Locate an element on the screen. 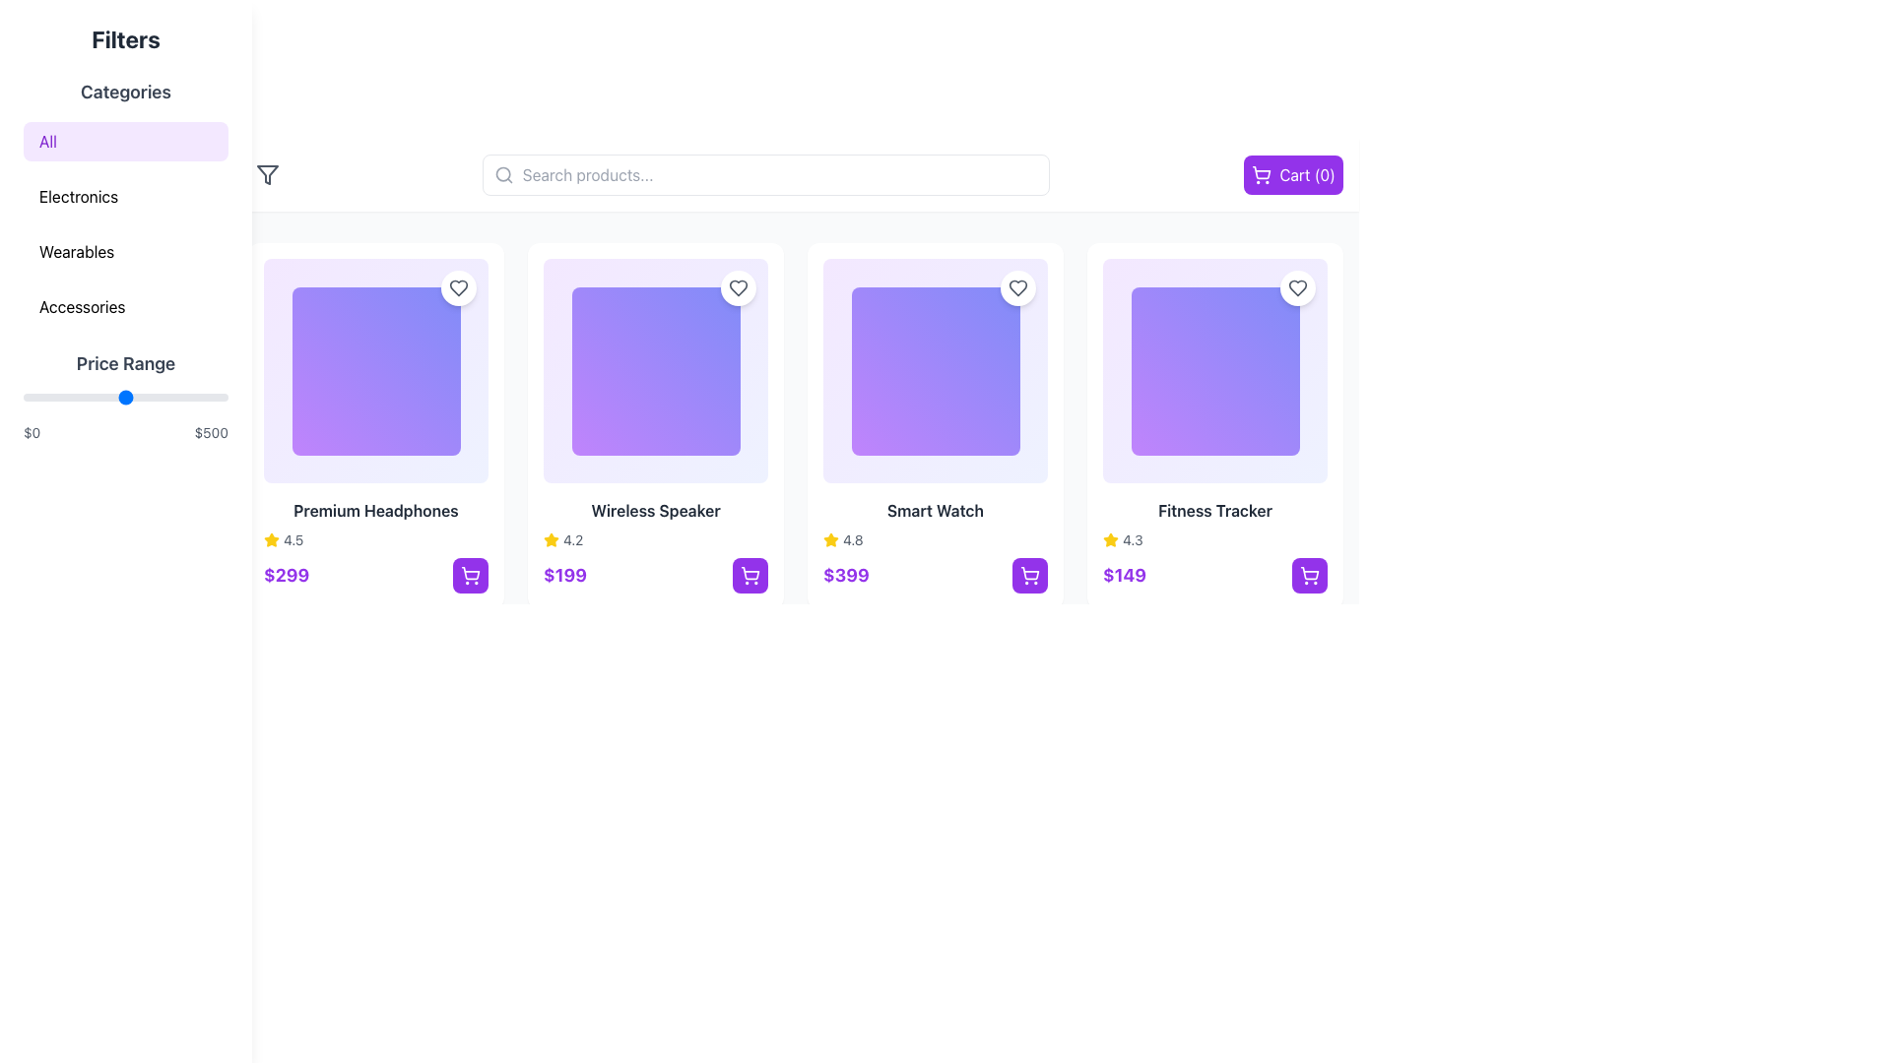 Image resolution: width=1891 pixels, height=1063 pixels. the 'Accessories' filter button located in the sidebar under the 'Categories' title is located at coordinates (125, 307).